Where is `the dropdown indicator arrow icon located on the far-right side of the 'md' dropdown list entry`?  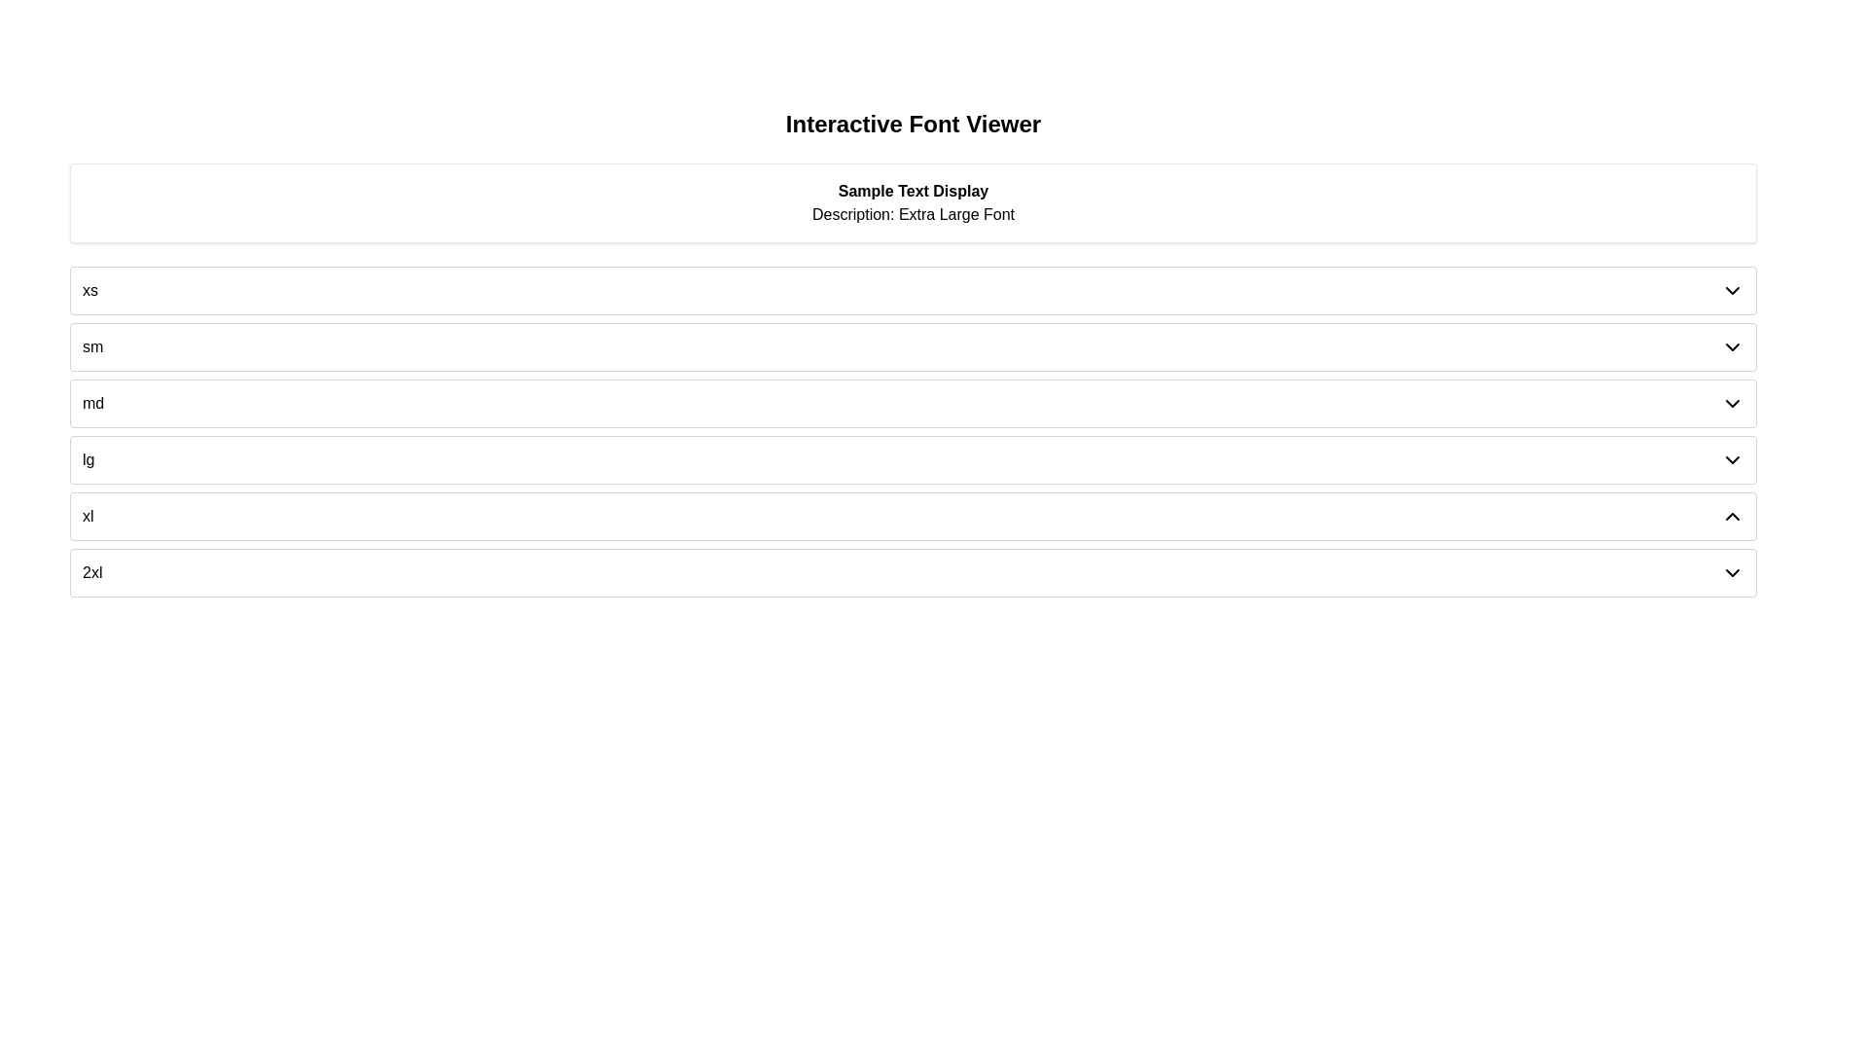 the dropdown indicator arrow icon located on the far-right side of the 'md' dropdown list entry is located at coordinates (1732, 403).